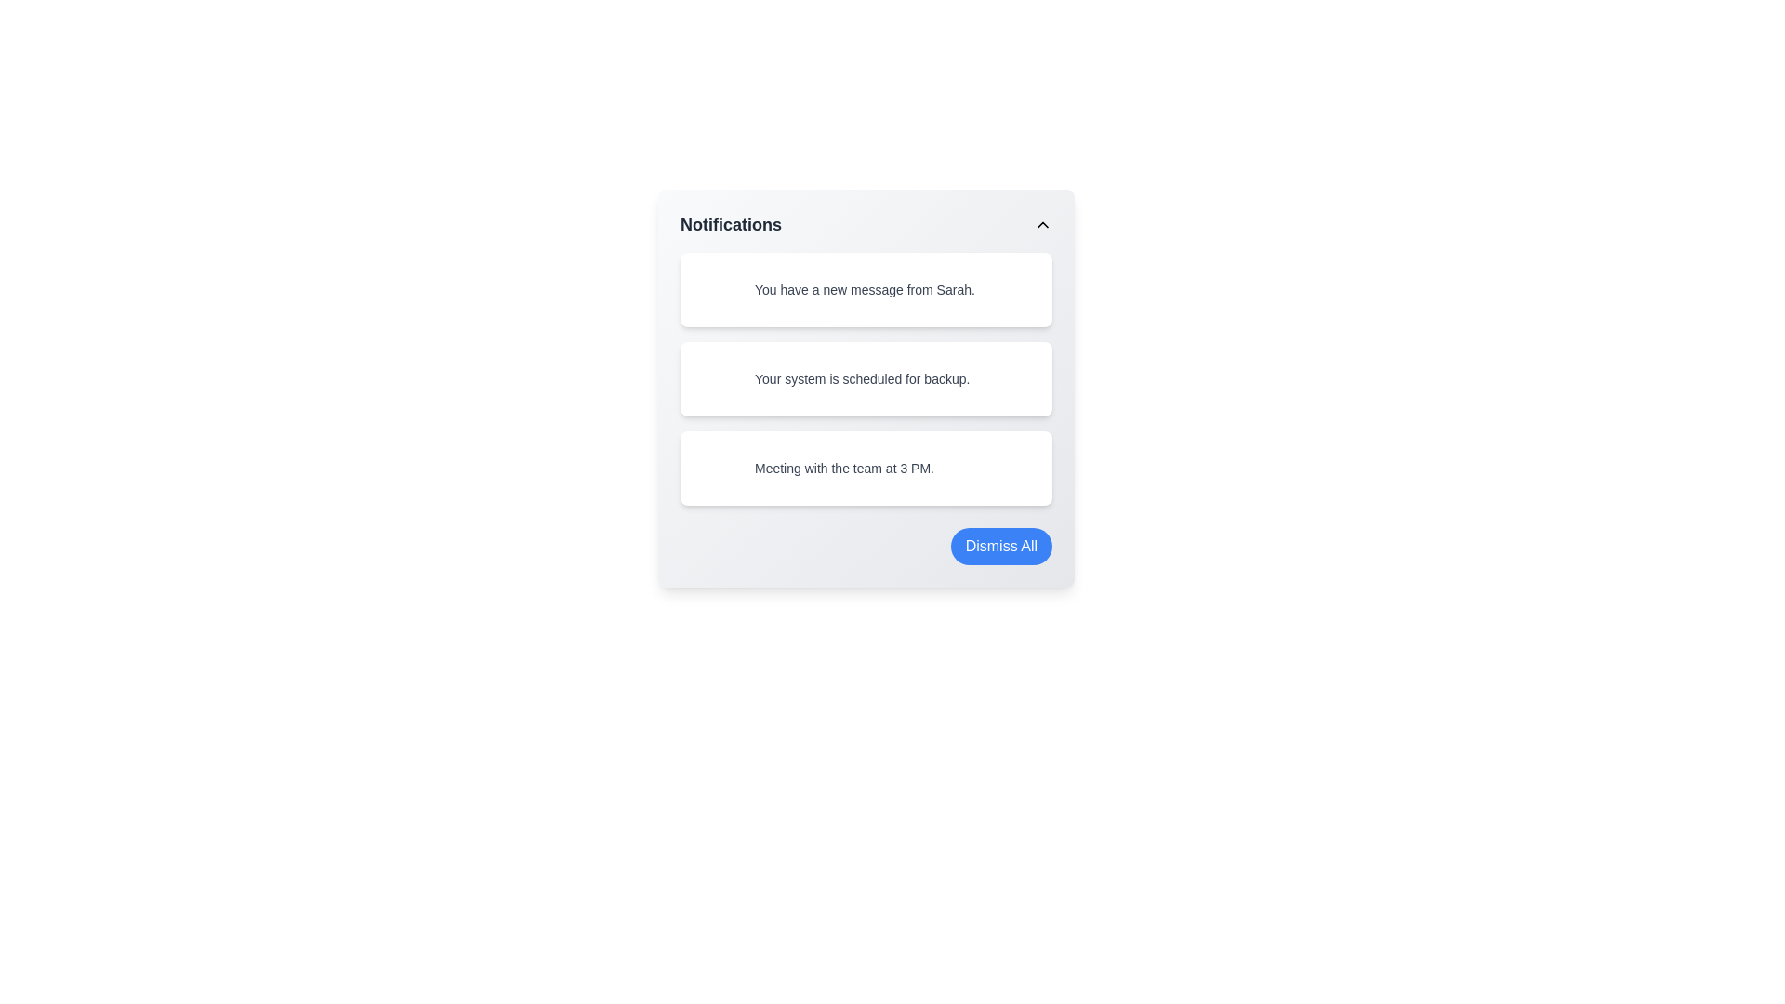 The image size is (1785, 1004). I want to click on the first notification card in the Notifications window that alerts the user to a new message from 'Sarah.', so click(865, 290).